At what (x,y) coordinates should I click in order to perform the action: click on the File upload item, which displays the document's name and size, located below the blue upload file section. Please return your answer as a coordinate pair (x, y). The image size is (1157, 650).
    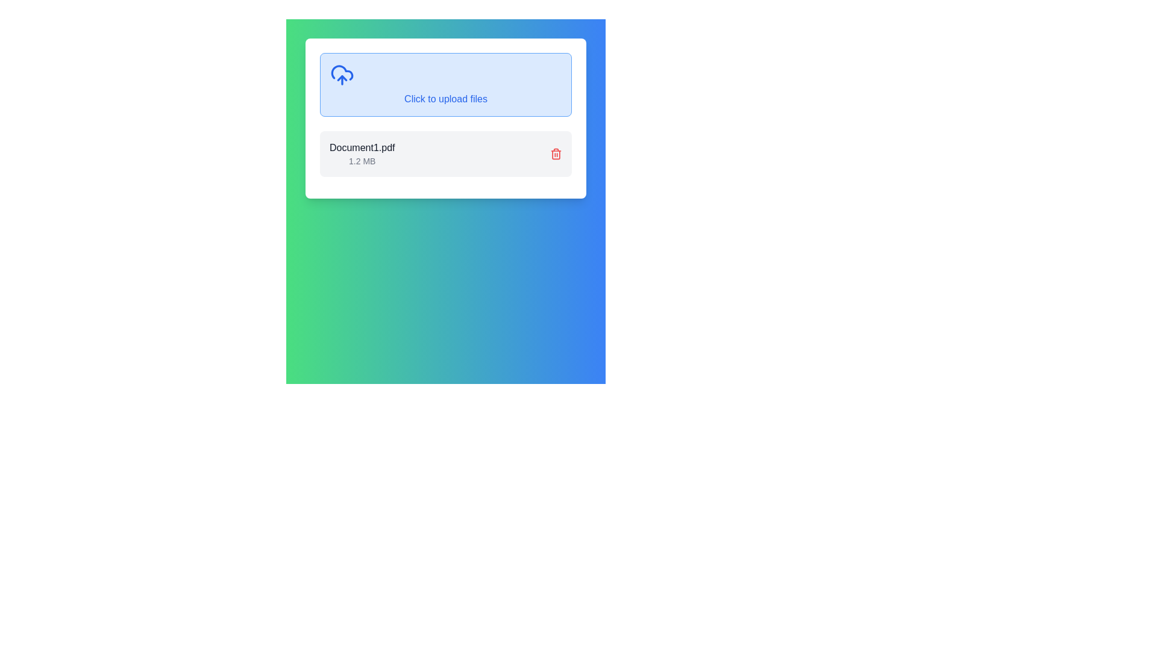
    Looking at the image, I should click on (445, 153).